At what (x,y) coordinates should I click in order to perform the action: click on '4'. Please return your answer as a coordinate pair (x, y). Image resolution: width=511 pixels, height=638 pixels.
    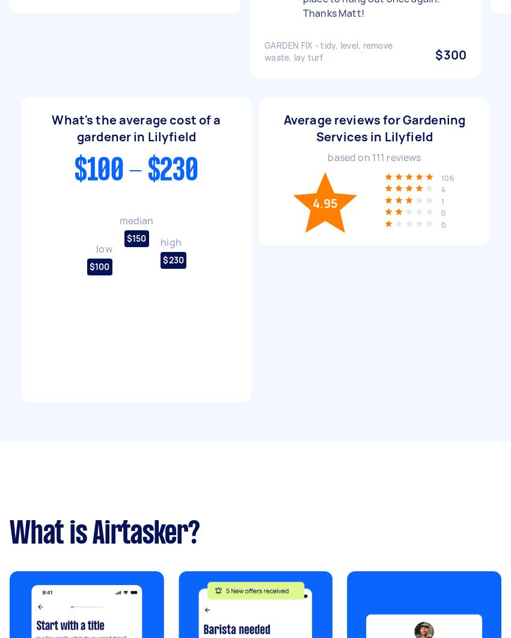
    Looking at the image, I should click on (443, 189).